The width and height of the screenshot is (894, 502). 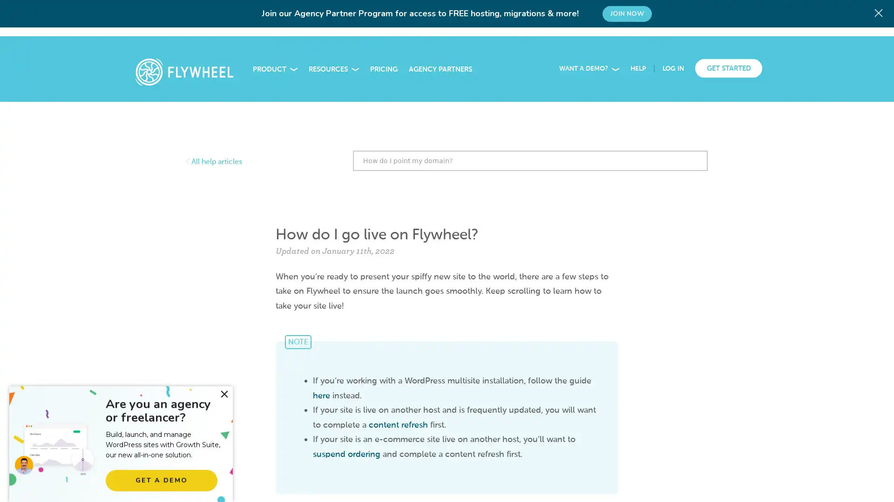 I want to click on Close, so click(x=880, y=12).